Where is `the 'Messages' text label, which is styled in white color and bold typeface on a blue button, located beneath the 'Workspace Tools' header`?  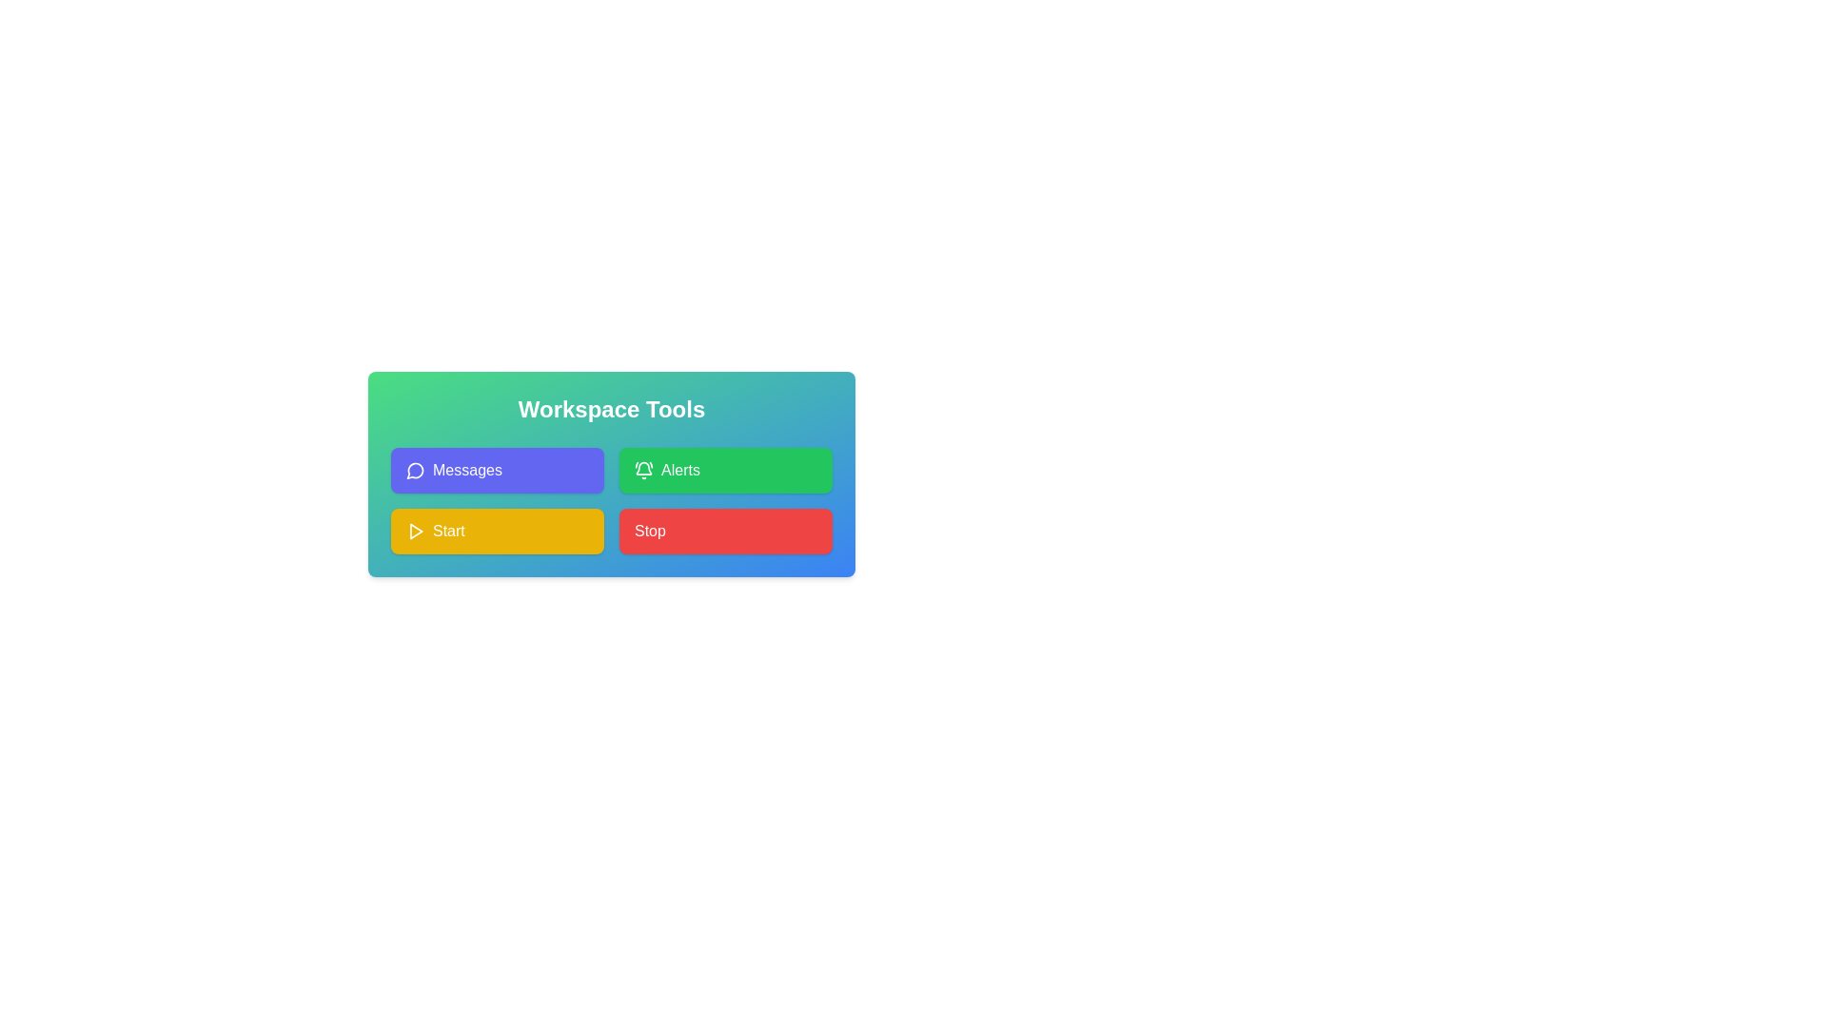
the 'Messages' text label, which is styled in white color and bold typeface on a blue button, located beneath the 'Workspace Tools' header is located at coordinates (467, 470).